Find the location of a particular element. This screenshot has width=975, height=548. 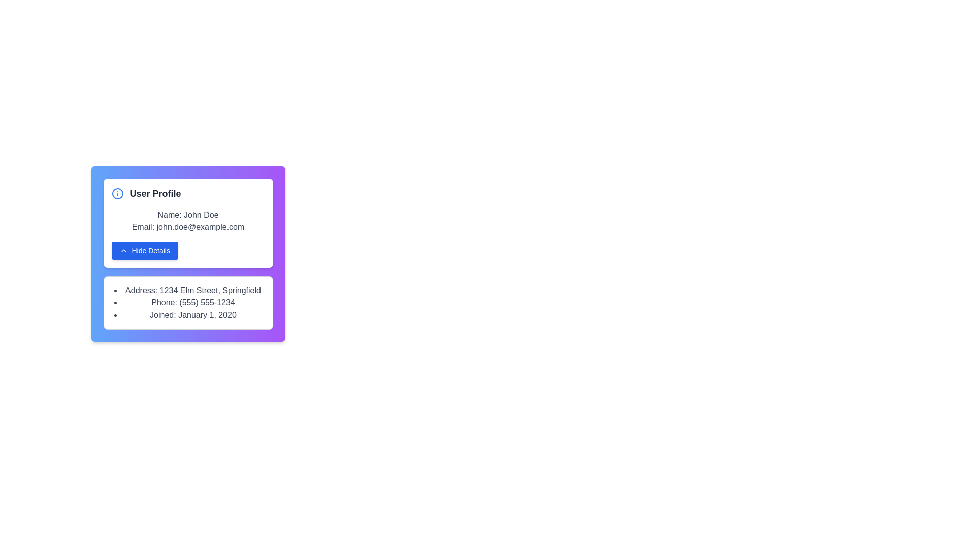

the information icon located to the left of the 'User Profile' text in the header section is located at coordinates (117, 193).